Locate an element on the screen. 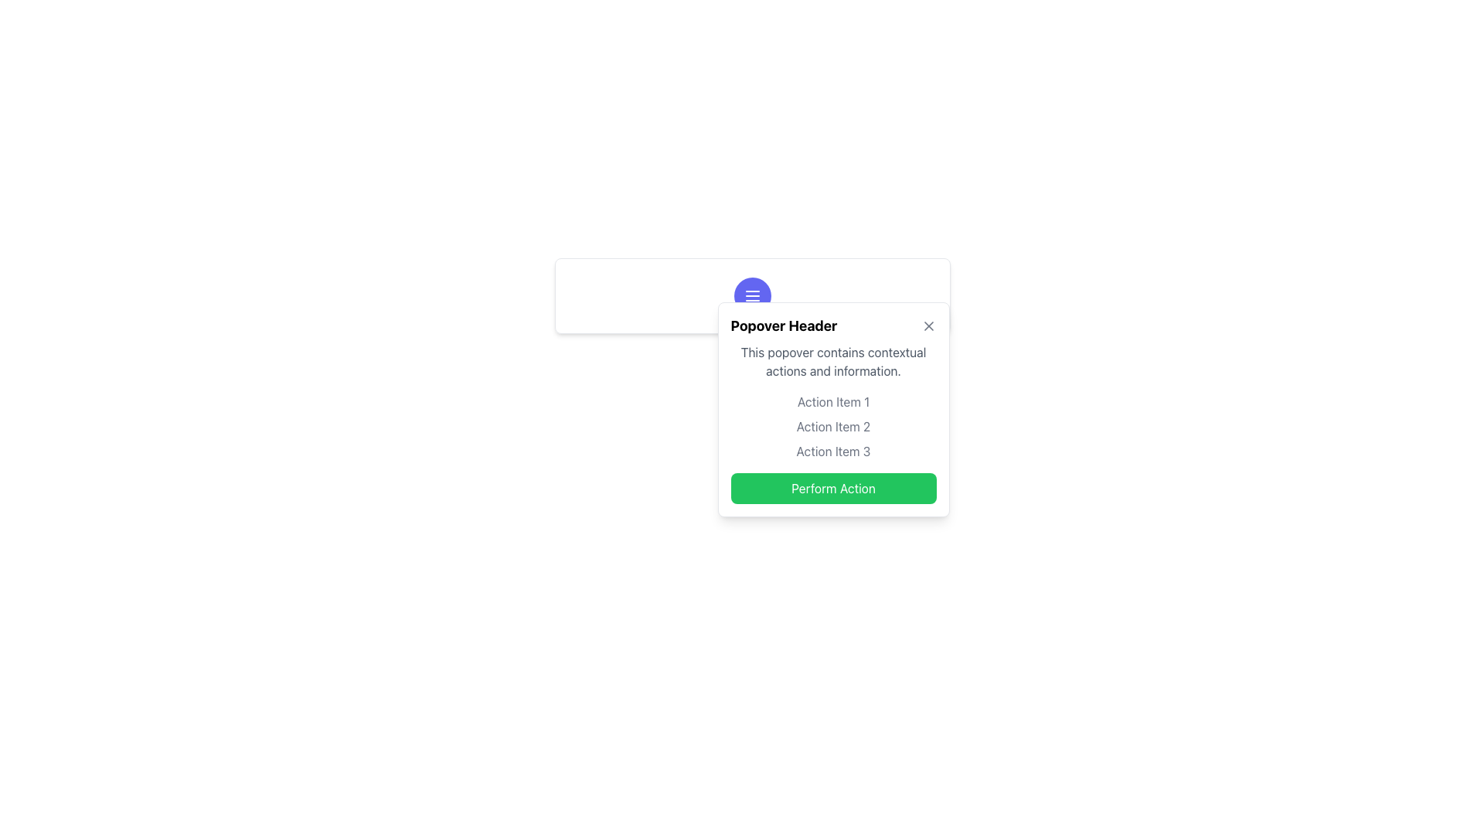  the text label at the top-left corner of the popover component to potentially view a tooltip is located at coordinates (784, 325).